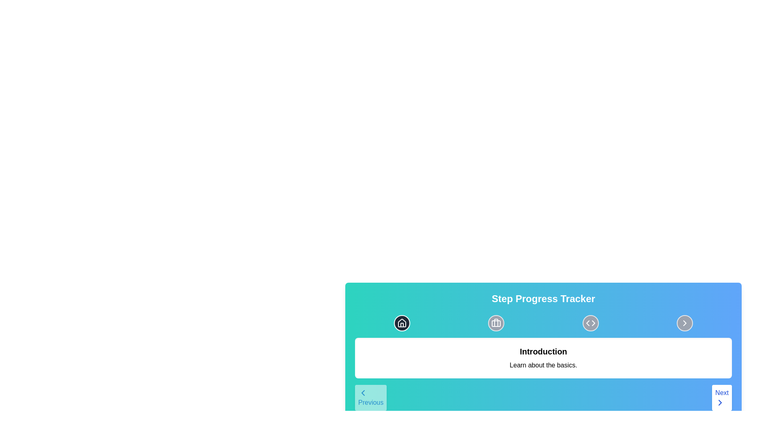 The width and height of the screenshot is (779, 438). I want to click on the first navigation button located in the bottom section of the blue gradient area to redirect users to the homepage or main section, so click(402, 323).